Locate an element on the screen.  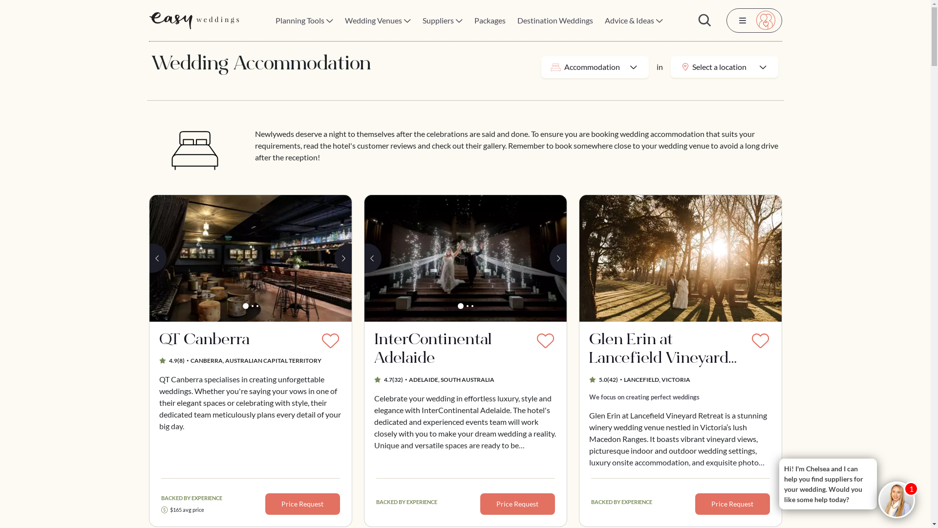
'Select a location' is located at coordinates (670, 66).